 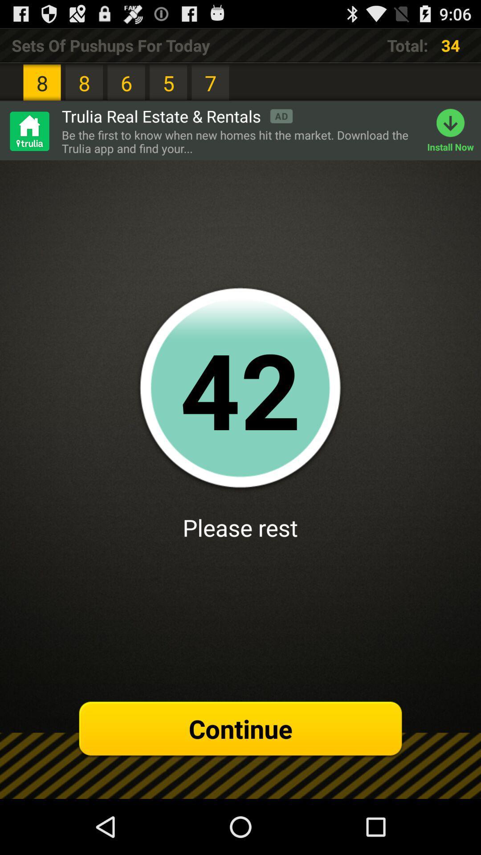 What do you see at coordinates (177, 115) in the screenshot?
I see `the icon above the be the first app` at bounding box center [177, 115].